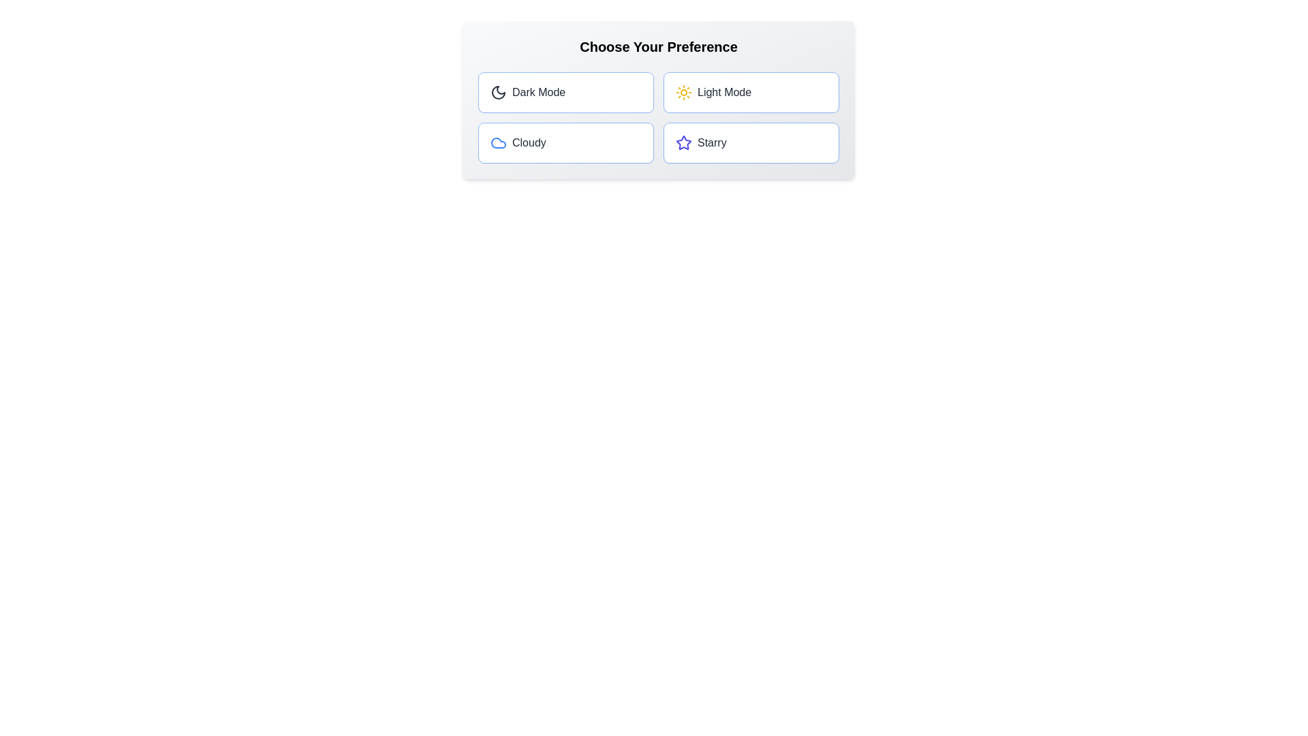 This screenshot has height=736, width=1308. What do you see at coordinates (527, 92) in the screenshot?
I see `the 'Dark Mode' button with a moon icon located in the top-left selection option of the grid menu under 'Choose Your Preference'` at bounding box center [527, 92].